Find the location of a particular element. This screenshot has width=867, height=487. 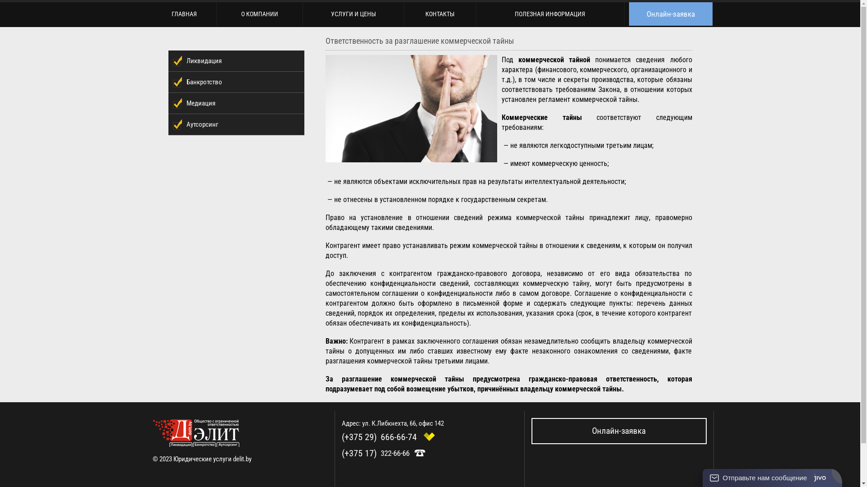

'322-66-66' is located at coordinates (395, 453).